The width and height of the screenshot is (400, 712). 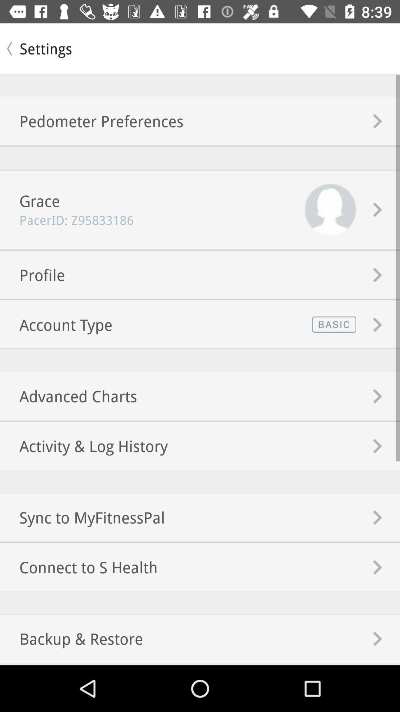 What do you see at coordinates (79, 567) in the screenshot?
I see `connect to s` at bounding box center [79, 567].